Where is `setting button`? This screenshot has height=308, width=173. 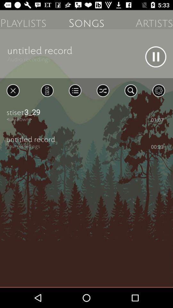 setting button is located at coordinates (158, 90).